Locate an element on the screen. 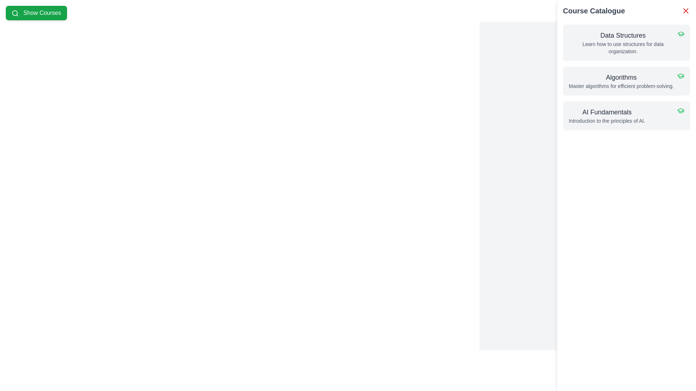 This screenshot has width=696, height=391. the text label 'Algorithms' styled with large, bold, dark gray text is located at coordinates (621, 77).